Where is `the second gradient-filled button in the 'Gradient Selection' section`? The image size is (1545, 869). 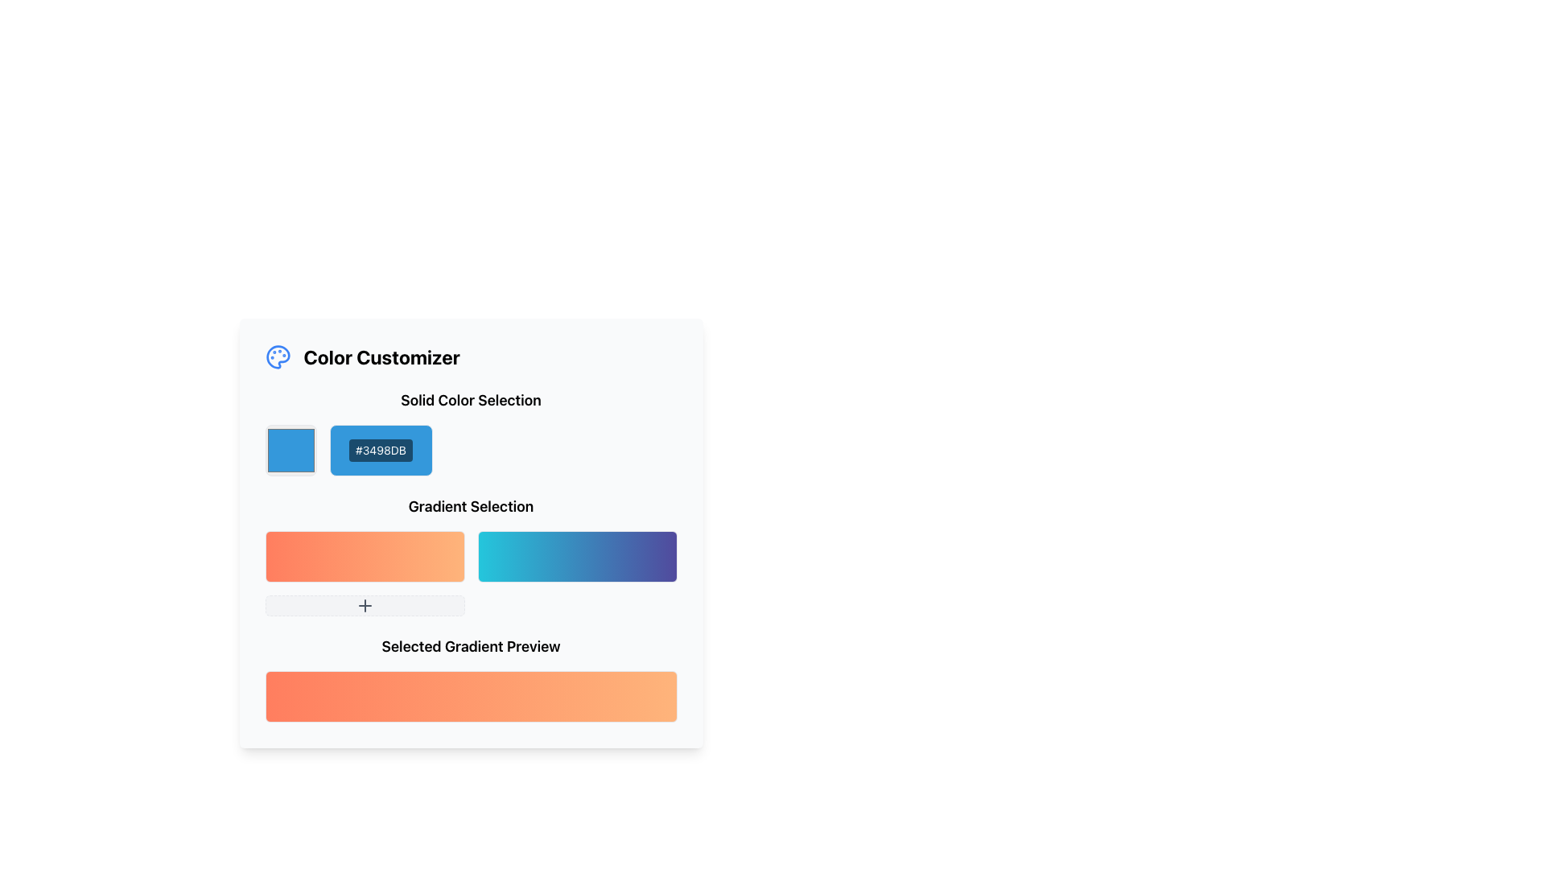 the second gradient-filled button in the 'Gradient Selection' section is located at coordinates (577, 555).